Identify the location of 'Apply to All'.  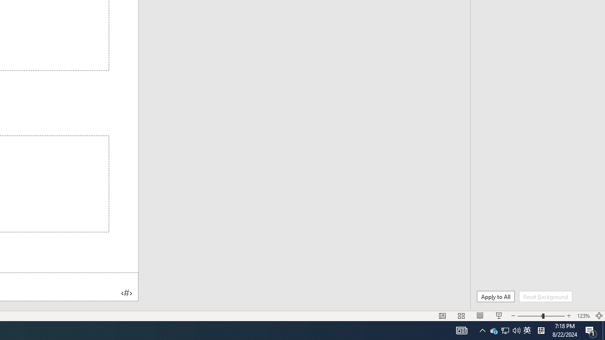
(495, 296).